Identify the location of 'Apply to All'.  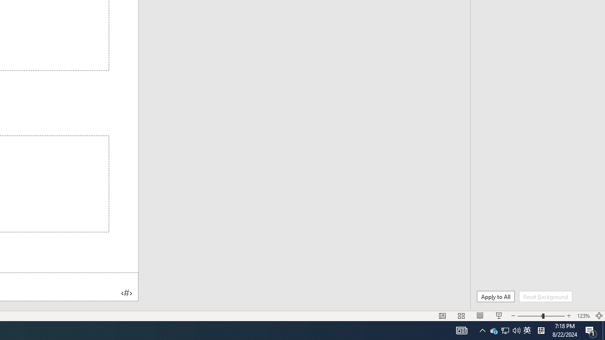
(495, 296).